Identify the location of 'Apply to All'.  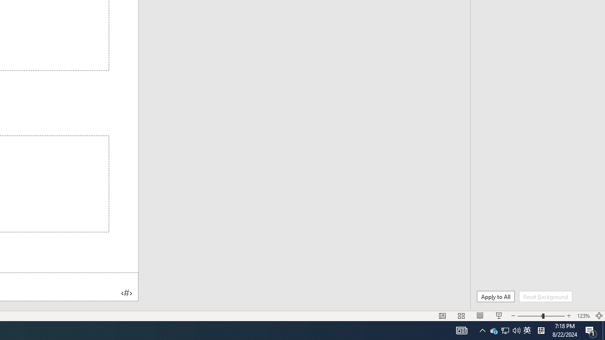
(495, 296).